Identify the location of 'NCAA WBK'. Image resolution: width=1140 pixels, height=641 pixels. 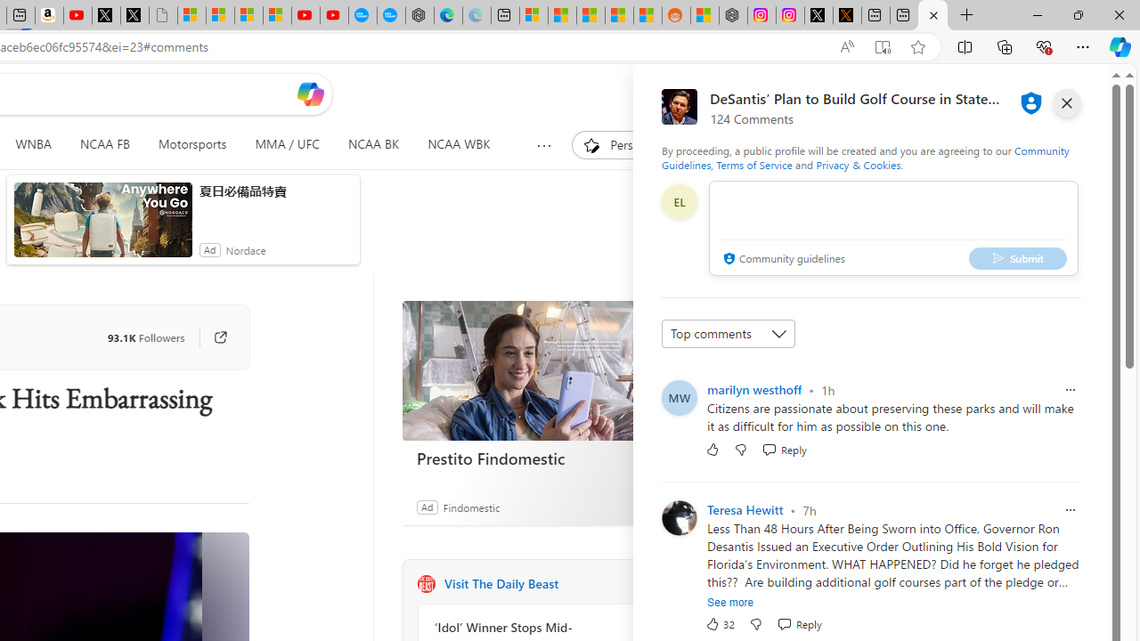
(459, 144).